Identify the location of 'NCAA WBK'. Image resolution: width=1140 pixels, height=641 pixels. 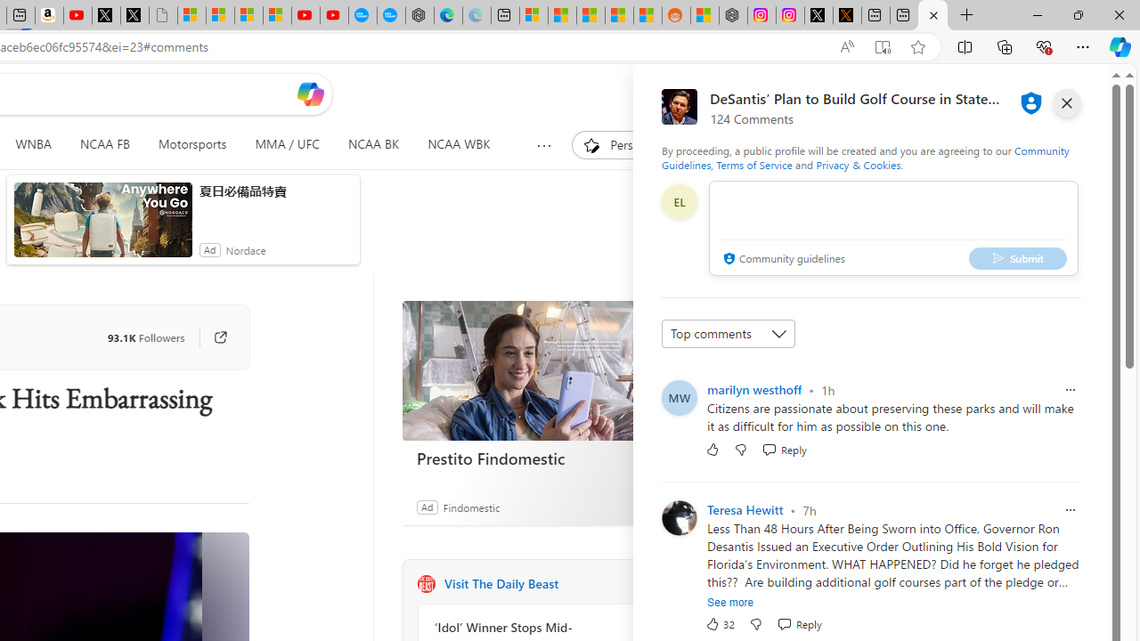
(459, 144).